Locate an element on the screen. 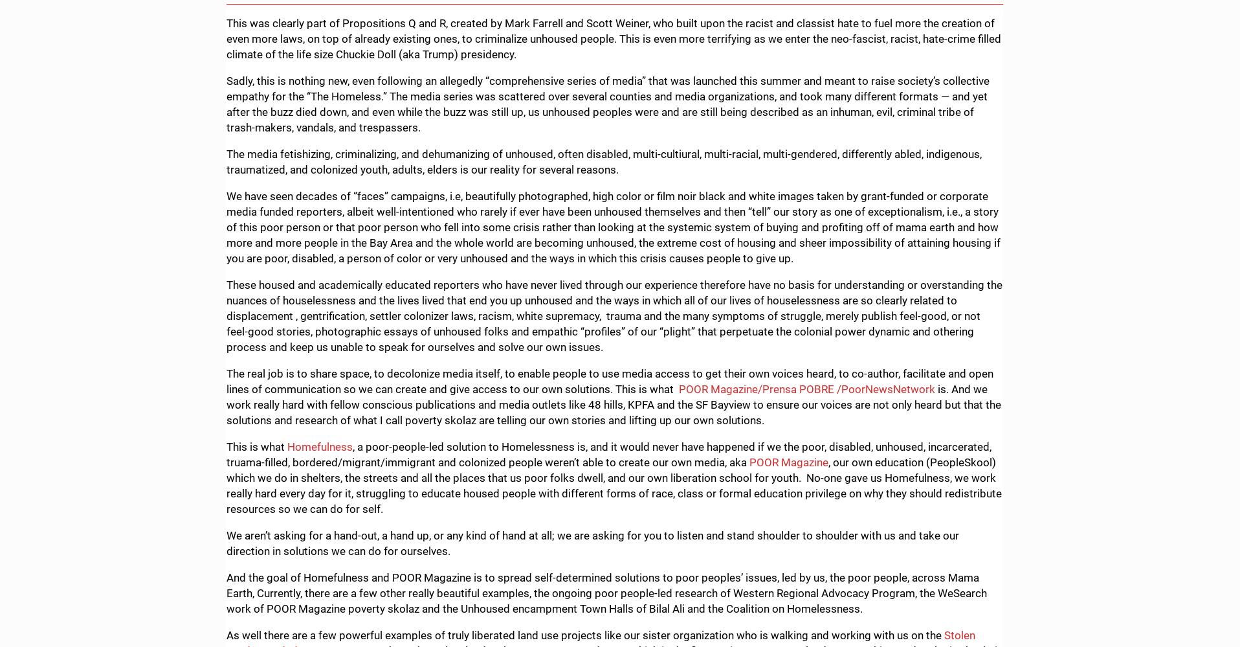  'Homefulness' is located at coordinates (319, 446).